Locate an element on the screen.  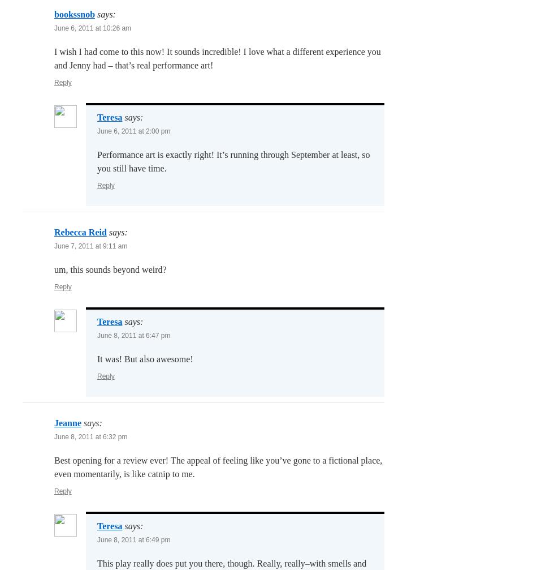
'June 7, 2011 at 9:11 am' is located at coordinates (90, 246).